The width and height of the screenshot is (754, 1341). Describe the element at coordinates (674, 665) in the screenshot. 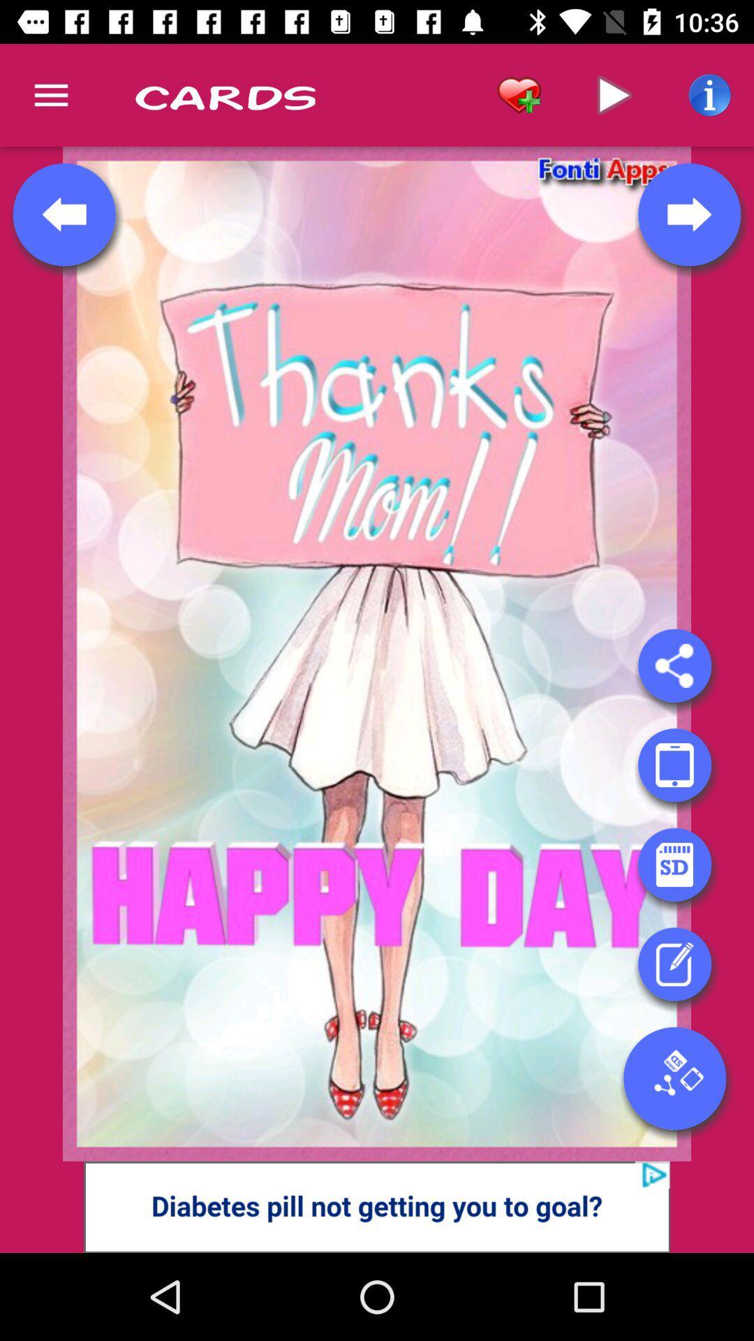

I see `share` at that location.